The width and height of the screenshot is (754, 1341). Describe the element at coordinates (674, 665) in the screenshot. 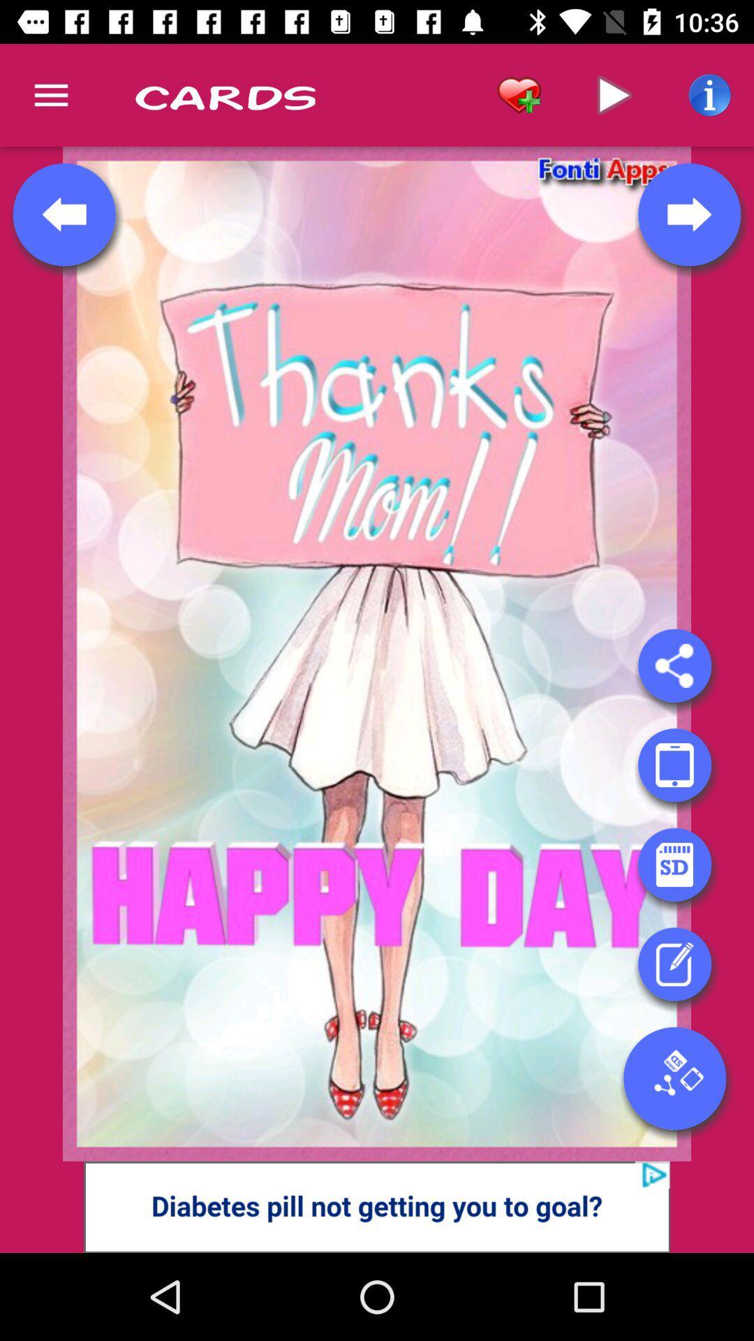

I see `share` at that location.